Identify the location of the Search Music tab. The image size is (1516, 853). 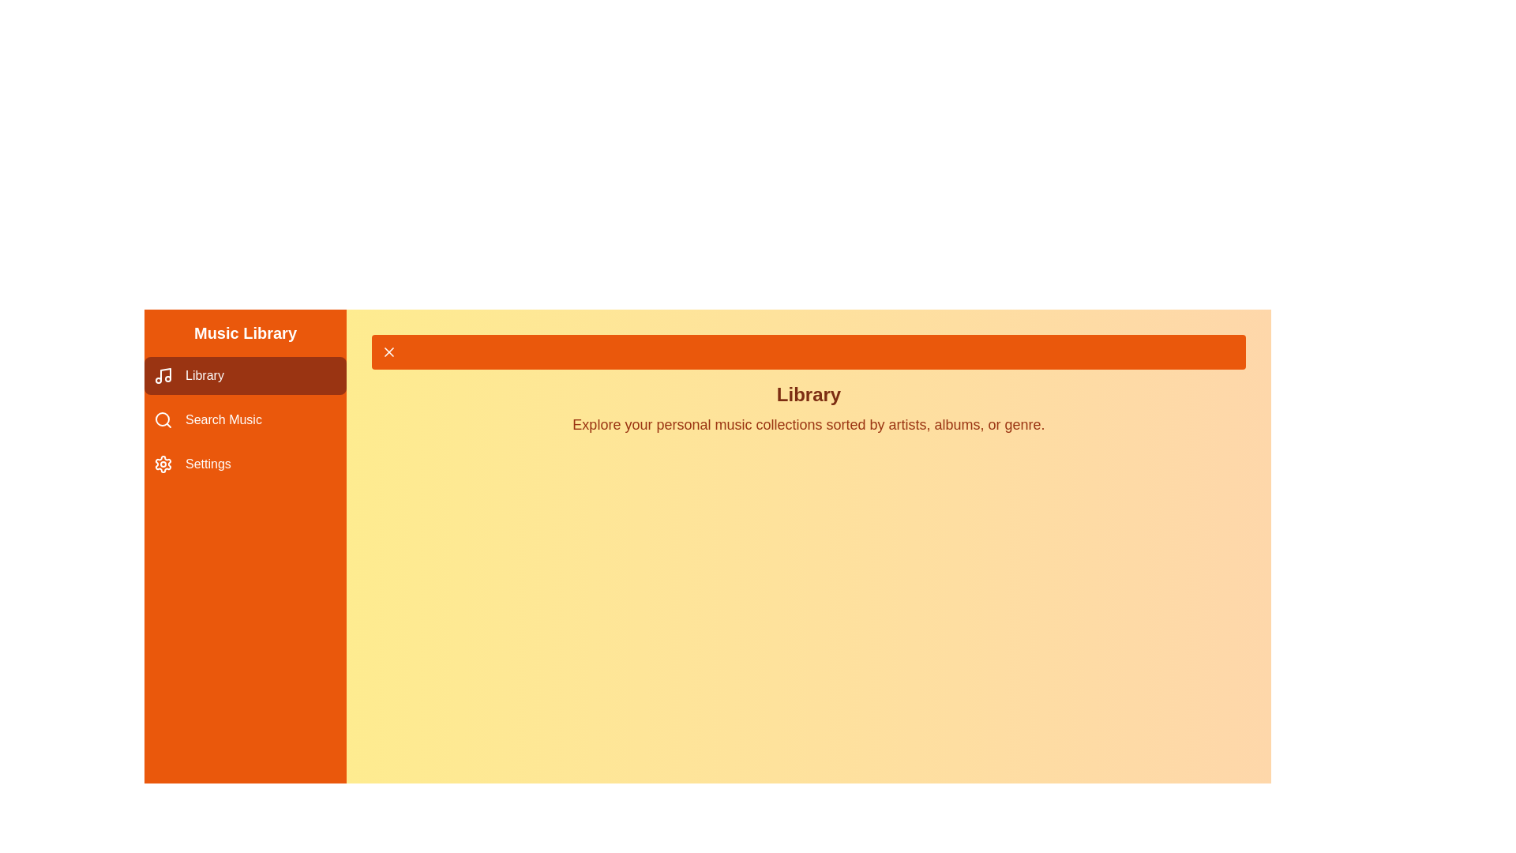
(245, 419).